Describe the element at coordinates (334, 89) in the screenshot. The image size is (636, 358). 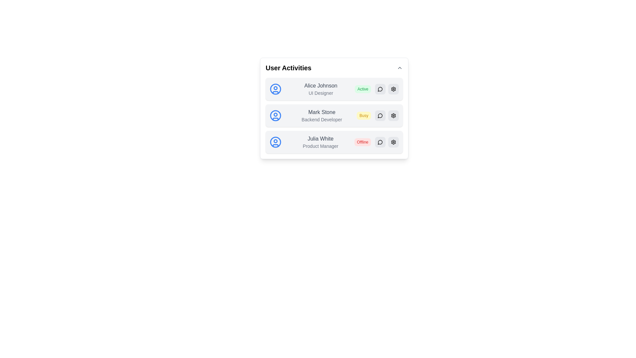
I see `details displayed on the user profile card at the top of the vertical list` at that location.